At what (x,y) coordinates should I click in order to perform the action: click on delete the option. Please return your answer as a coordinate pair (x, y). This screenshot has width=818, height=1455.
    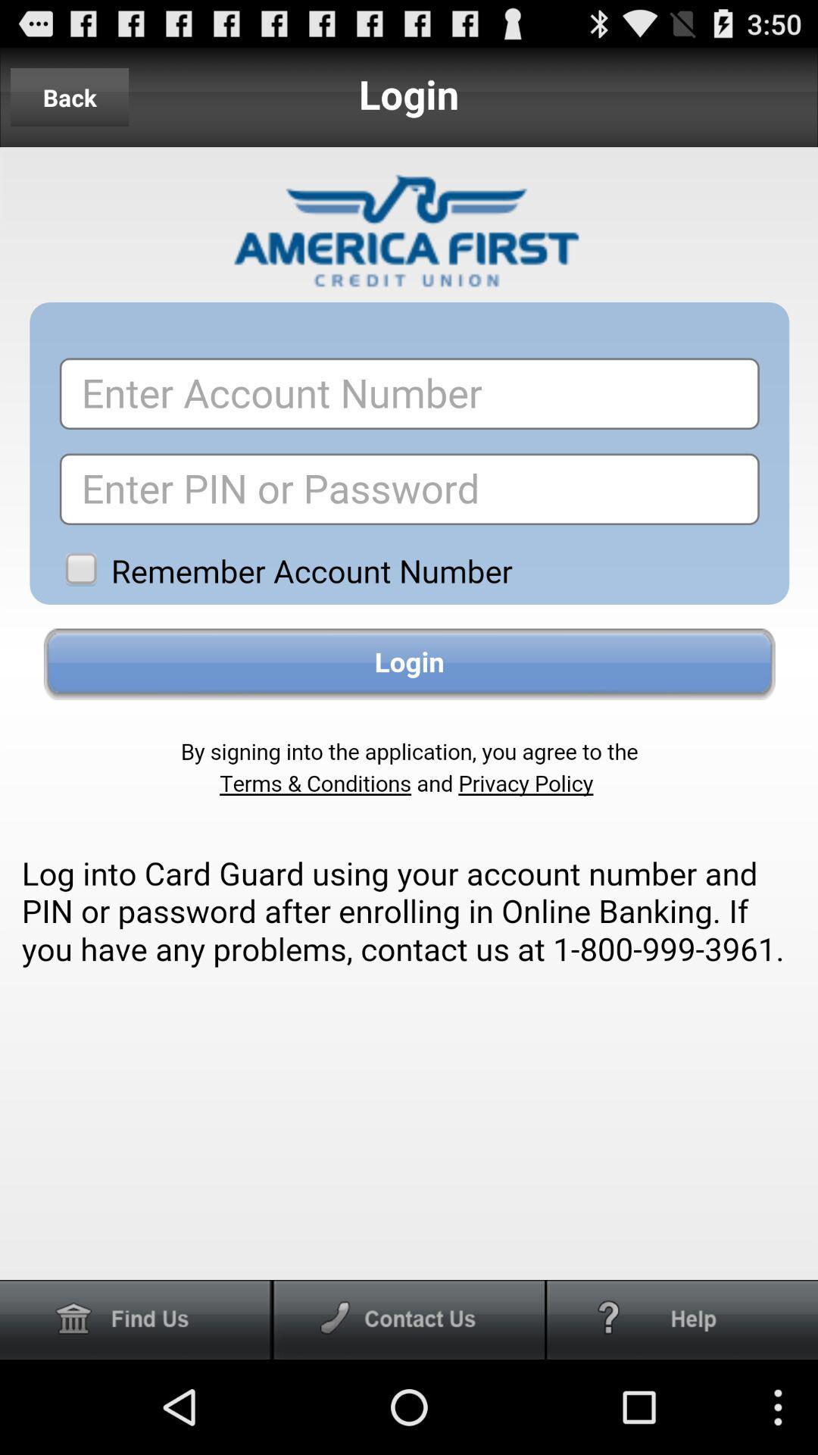
    Looking at the image, I should click on (135, 1319).